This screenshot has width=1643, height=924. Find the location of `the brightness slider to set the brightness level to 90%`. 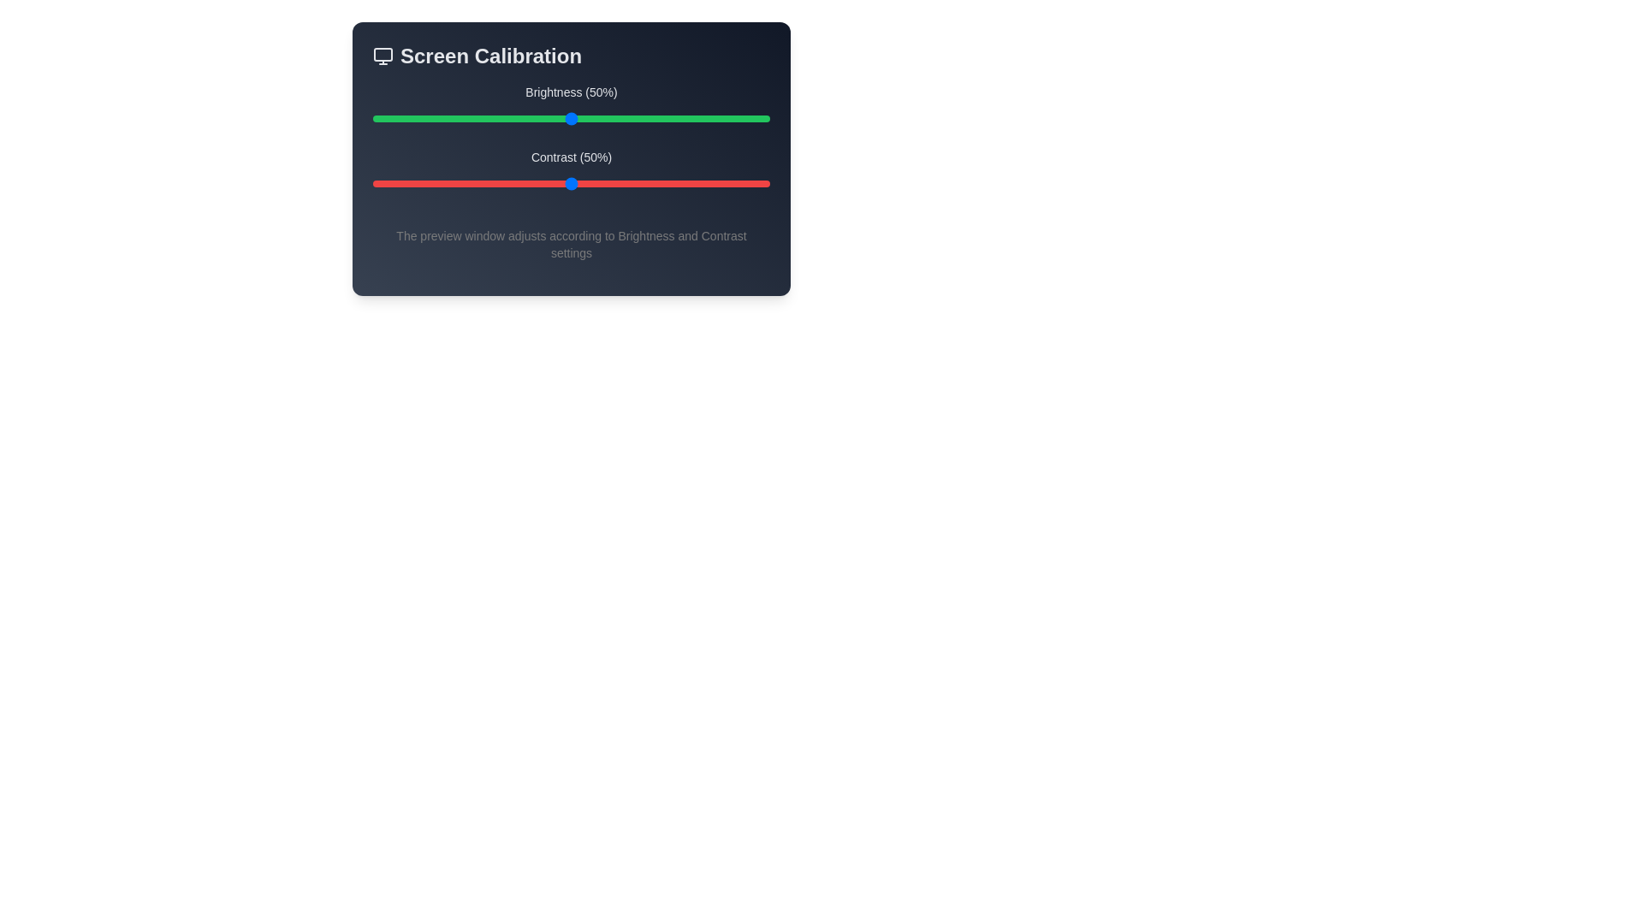

the brightness slider to set the brightness level to 90% is located at coordinates (730, 117).